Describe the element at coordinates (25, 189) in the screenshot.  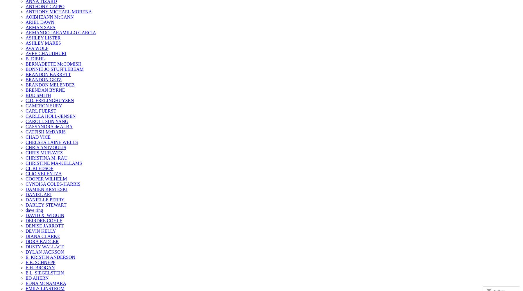
I see `'DAMIEN KRSTESKI'` at that location.